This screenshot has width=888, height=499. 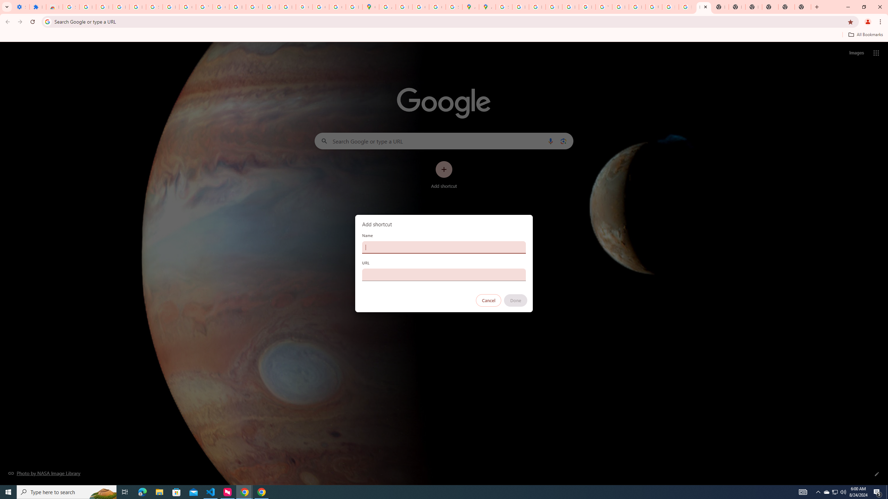 I want to click on 'URL', so click(x=444, y=274).